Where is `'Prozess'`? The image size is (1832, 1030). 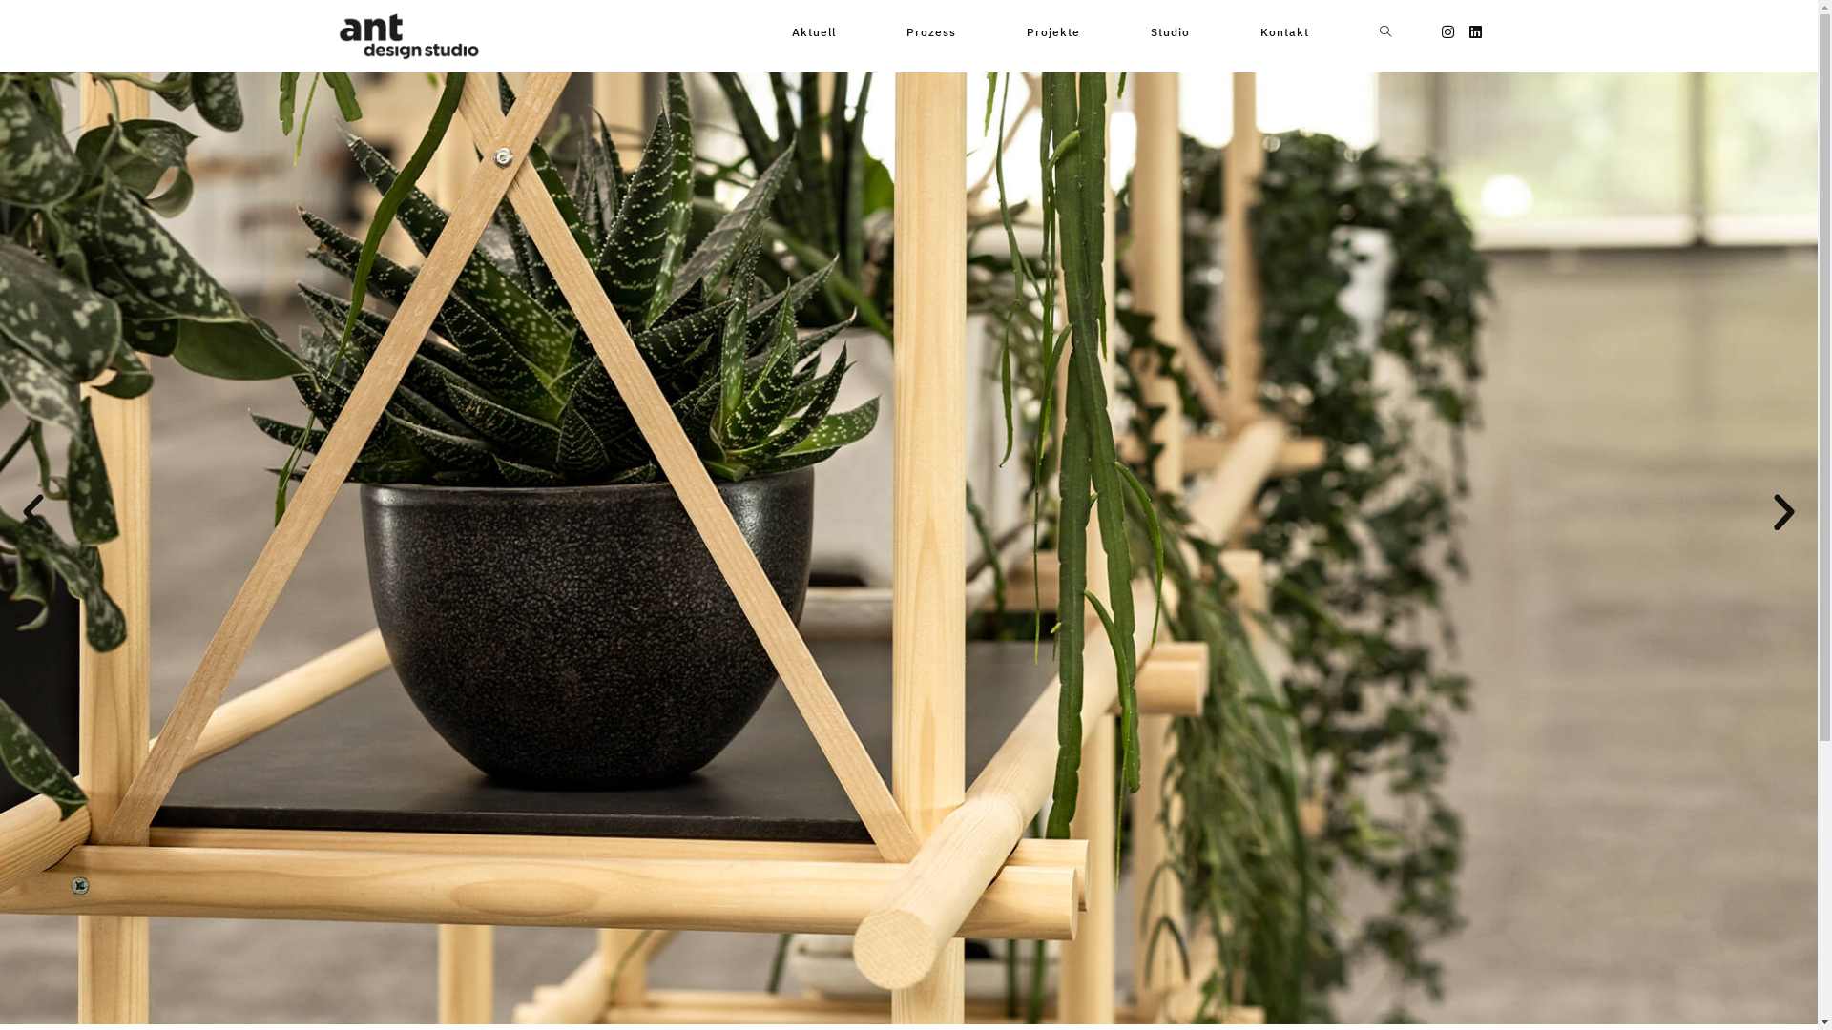
'Prozess' is located at coordinates (929, 32).